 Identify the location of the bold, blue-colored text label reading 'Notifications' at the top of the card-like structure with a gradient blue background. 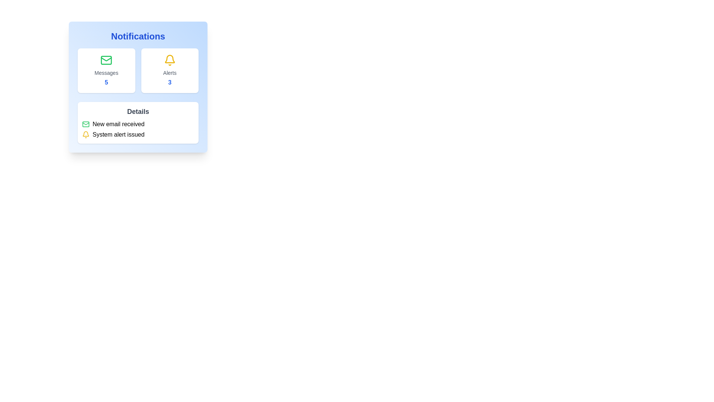
(138, 36).